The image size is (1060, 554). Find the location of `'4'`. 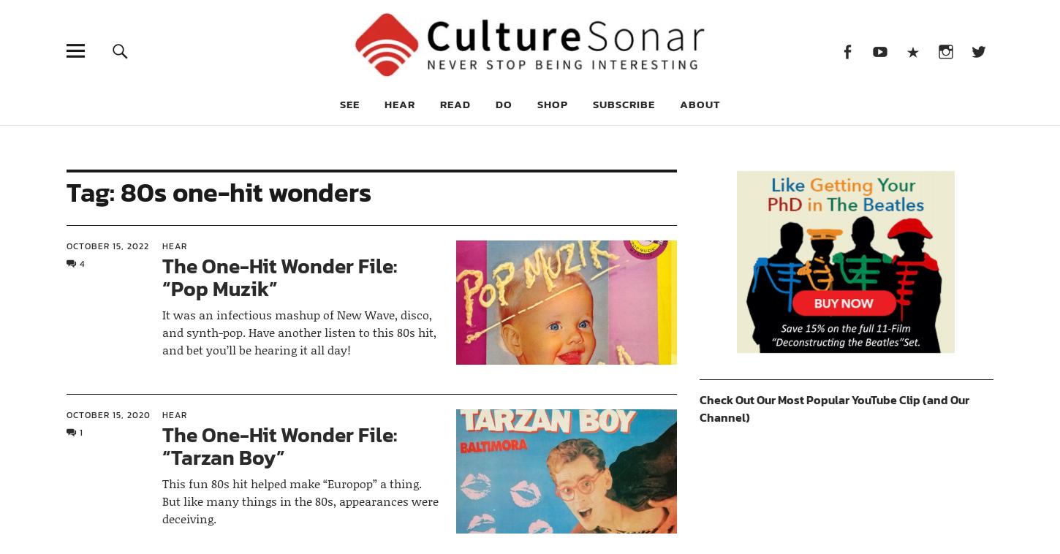

'4' is located at coordinates (81, 264).